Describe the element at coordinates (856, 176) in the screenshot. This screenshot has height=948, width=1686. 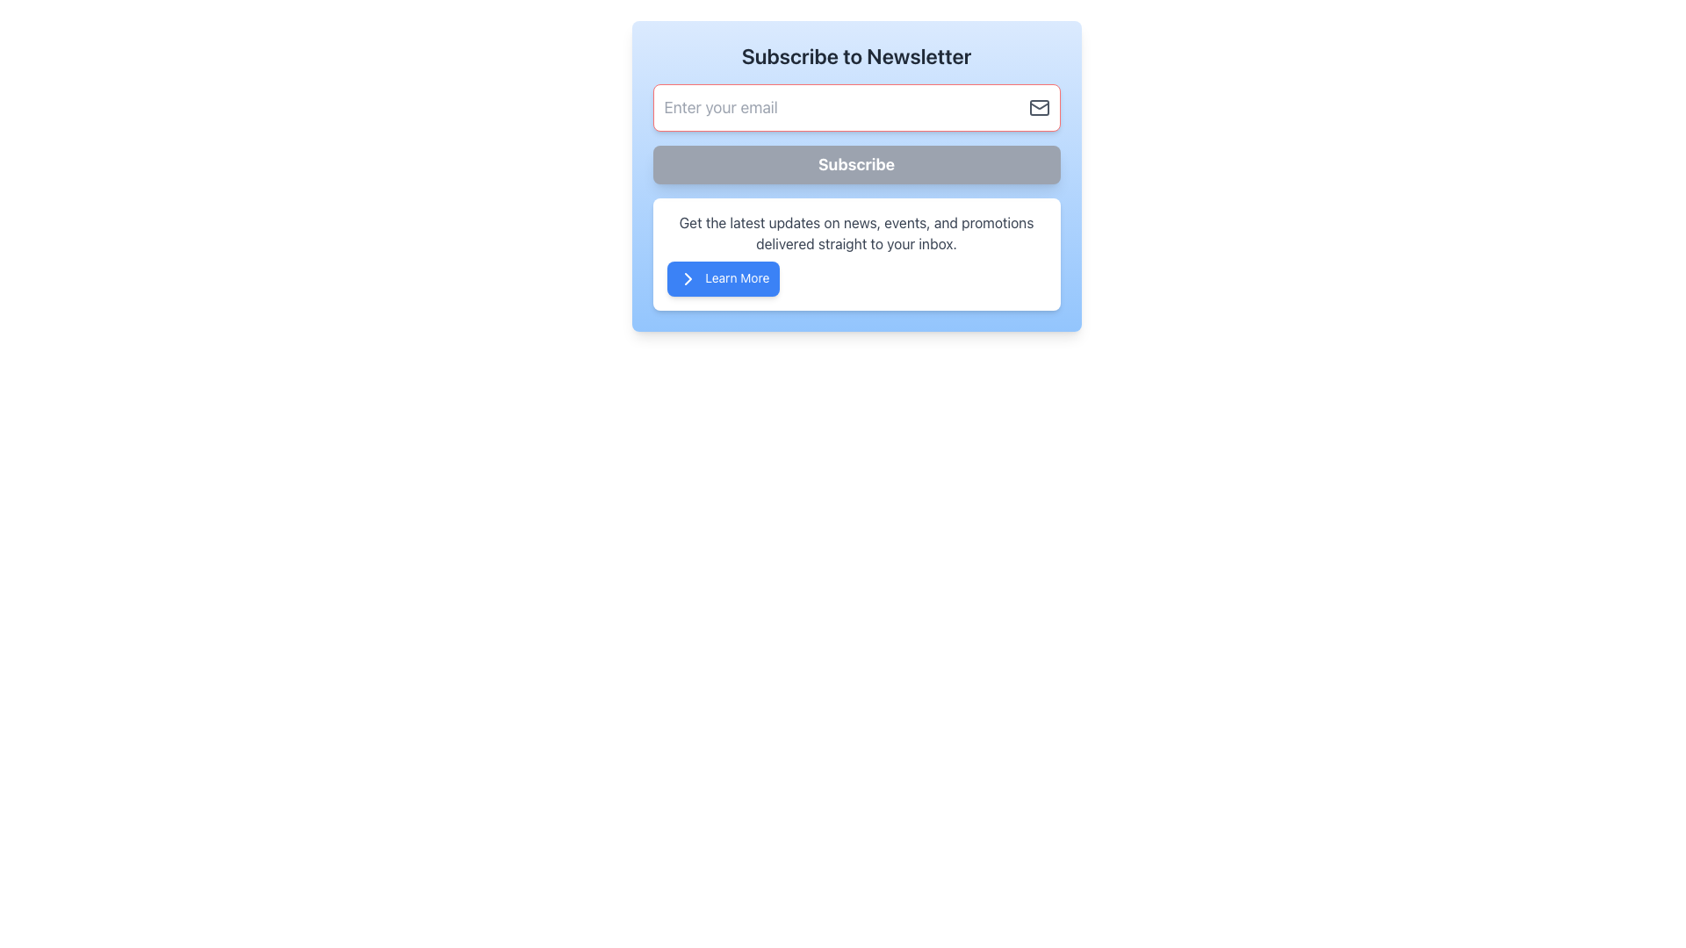
I see `the subscribe button located directly below the email input field labeled 'Enter your email' to attempt subscription` at that location.